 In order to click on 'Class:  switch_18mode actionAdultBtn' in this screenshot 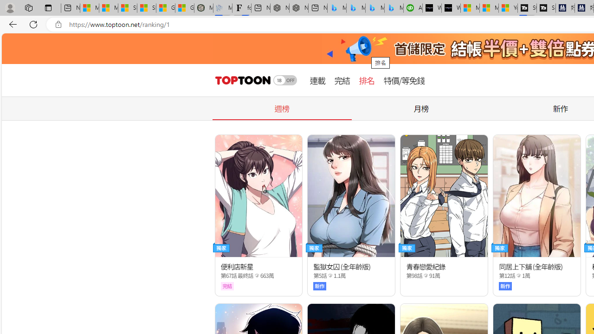, I will do `click(285, 80)`.